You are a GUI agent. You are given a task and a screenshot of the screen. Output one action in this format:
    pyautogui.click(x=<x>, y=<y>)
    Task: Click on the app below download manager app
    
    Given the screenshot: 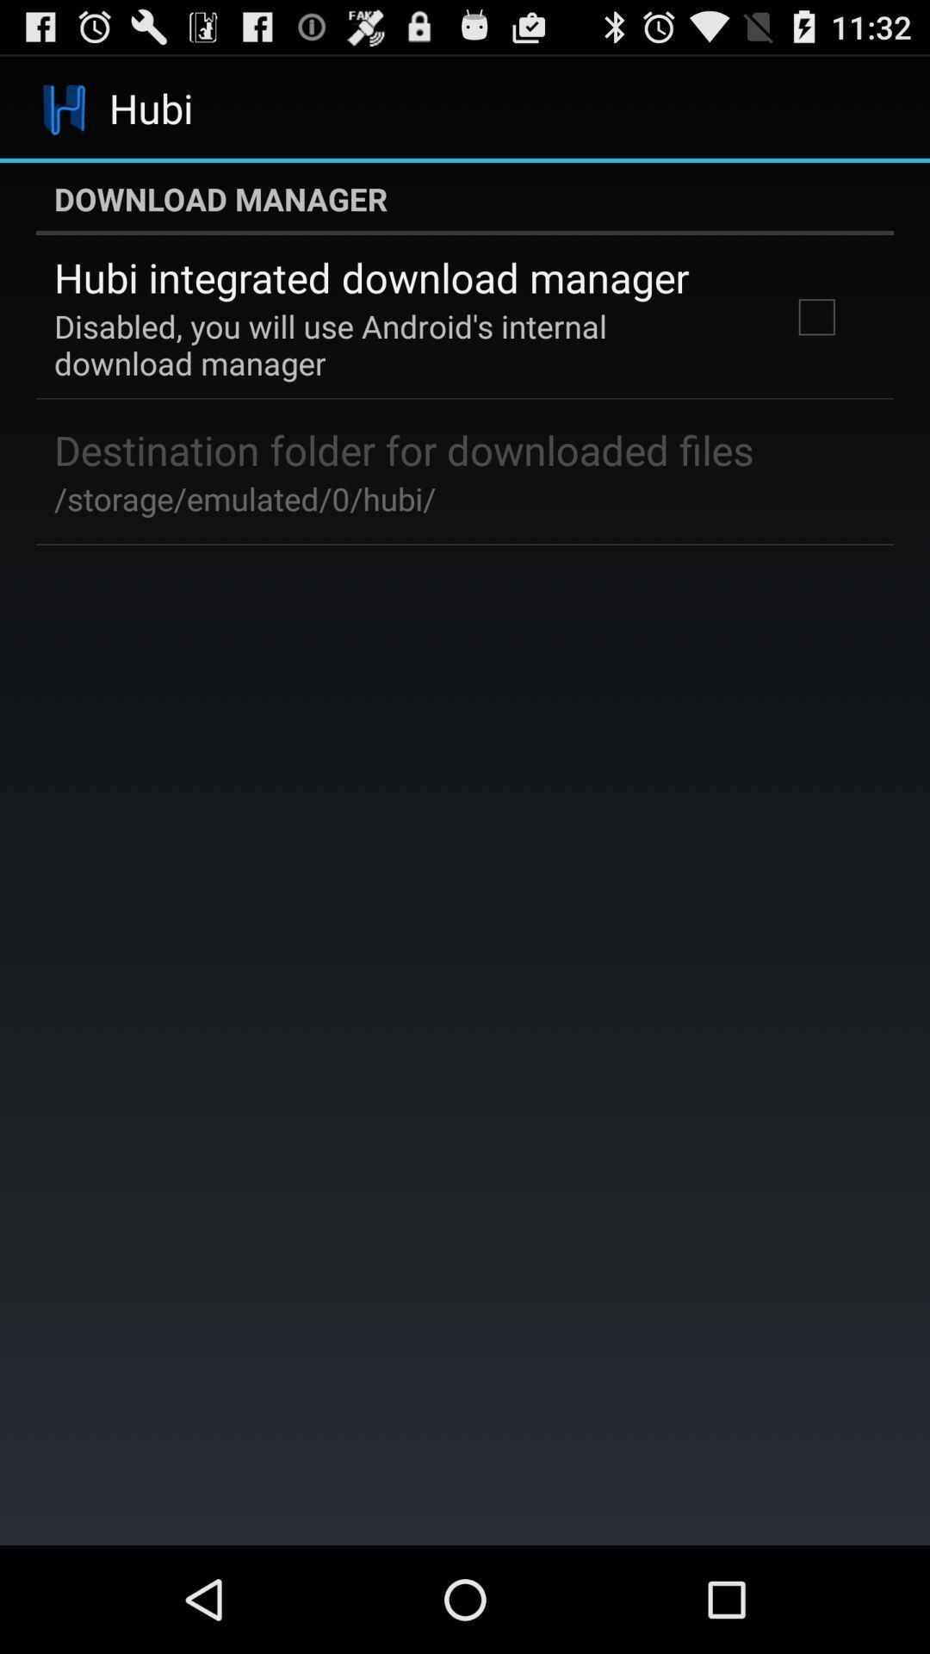 What is the action you would take?
    pyautogui.click(x=815, y=317)
    